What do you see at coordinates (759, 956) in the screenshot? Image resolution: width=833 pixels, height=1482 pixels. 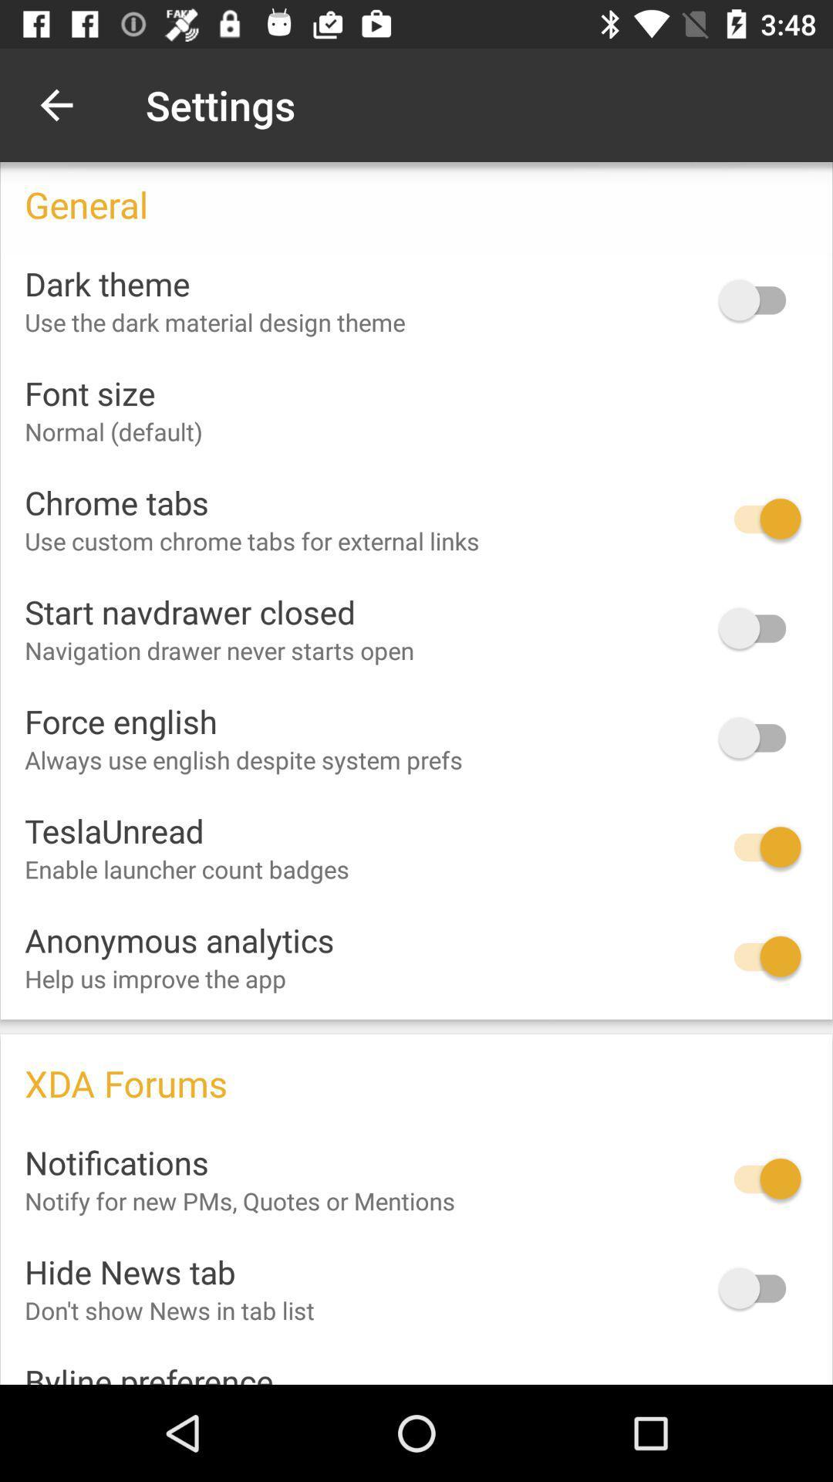 I see `anonymous analytics` at bounding box center [759, 956].